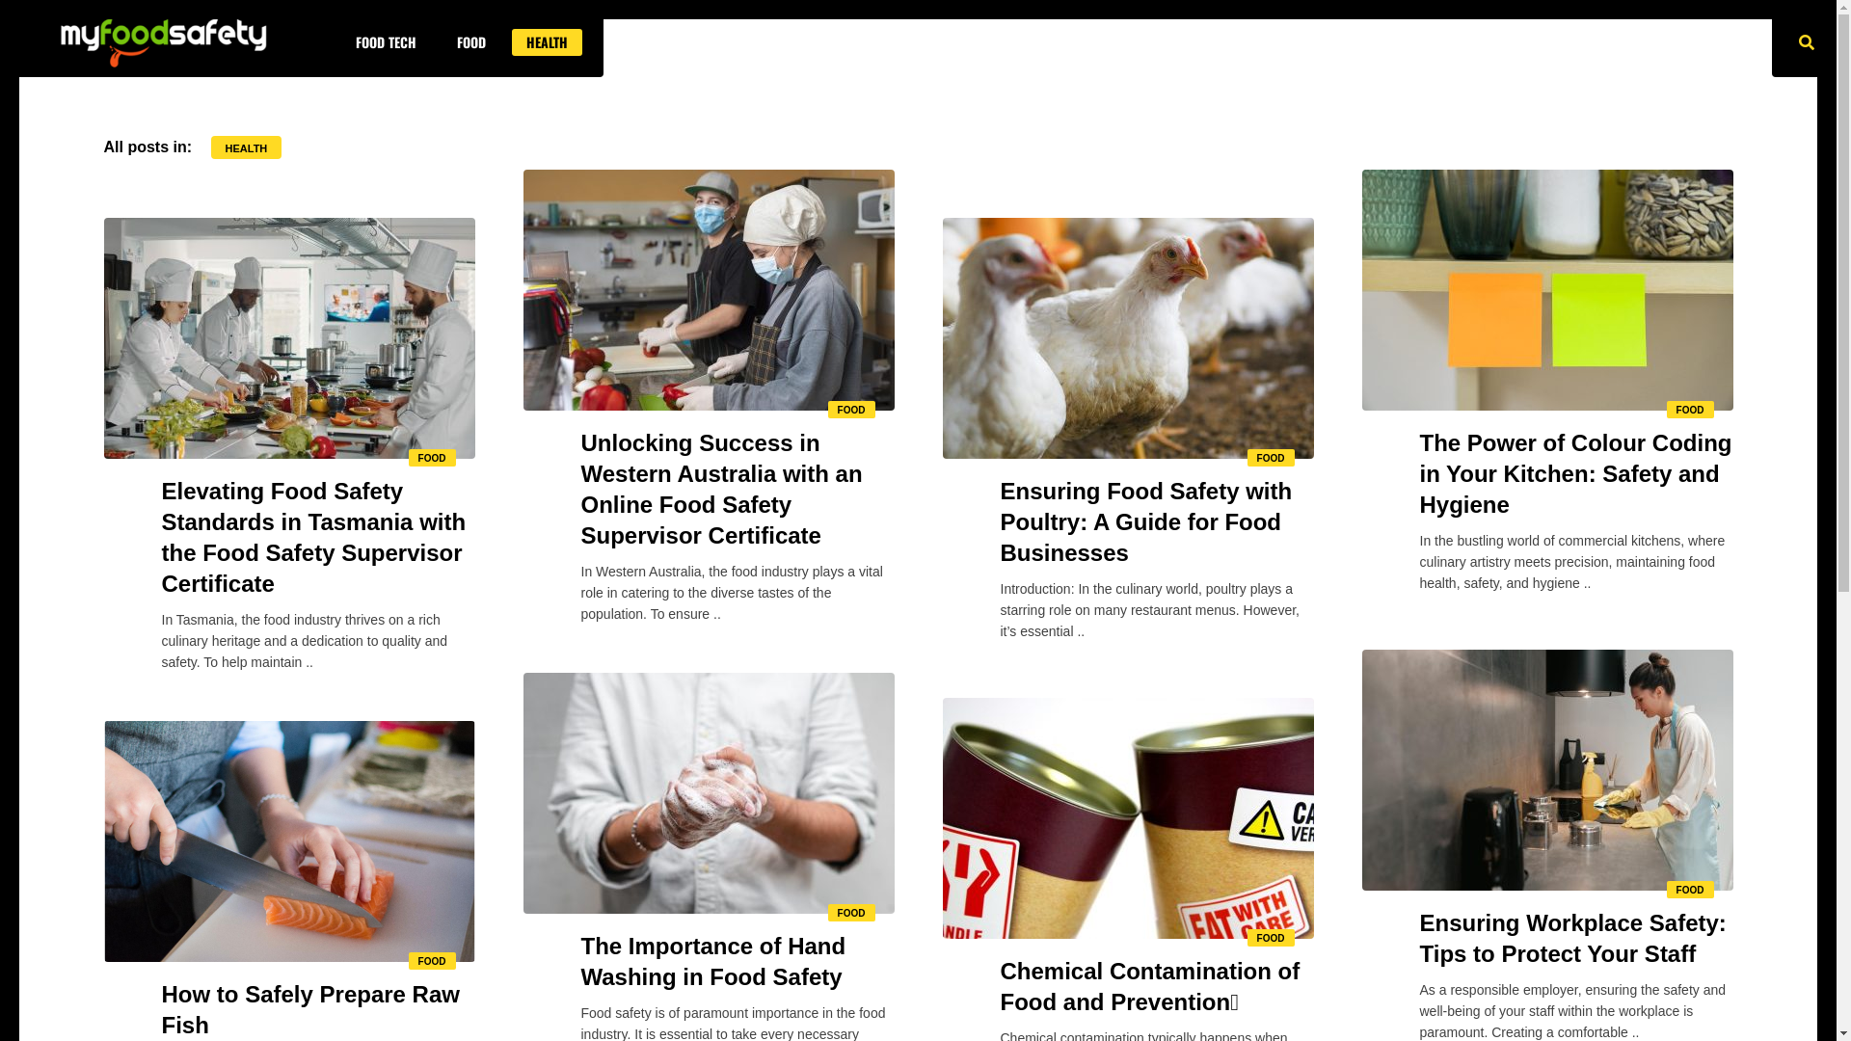 This screenshot has width=1851, height=1041. What do you see at coordinates (1257, 937) in the screenshot?
I see `'FOOD'` at bounding box center [1257, 937].